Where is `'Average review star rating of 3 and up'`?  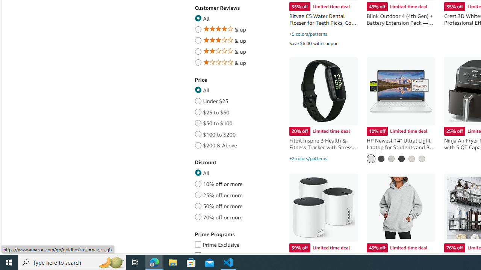
'Average review star rating of 3 and up' is located at coordinates (198, 39).